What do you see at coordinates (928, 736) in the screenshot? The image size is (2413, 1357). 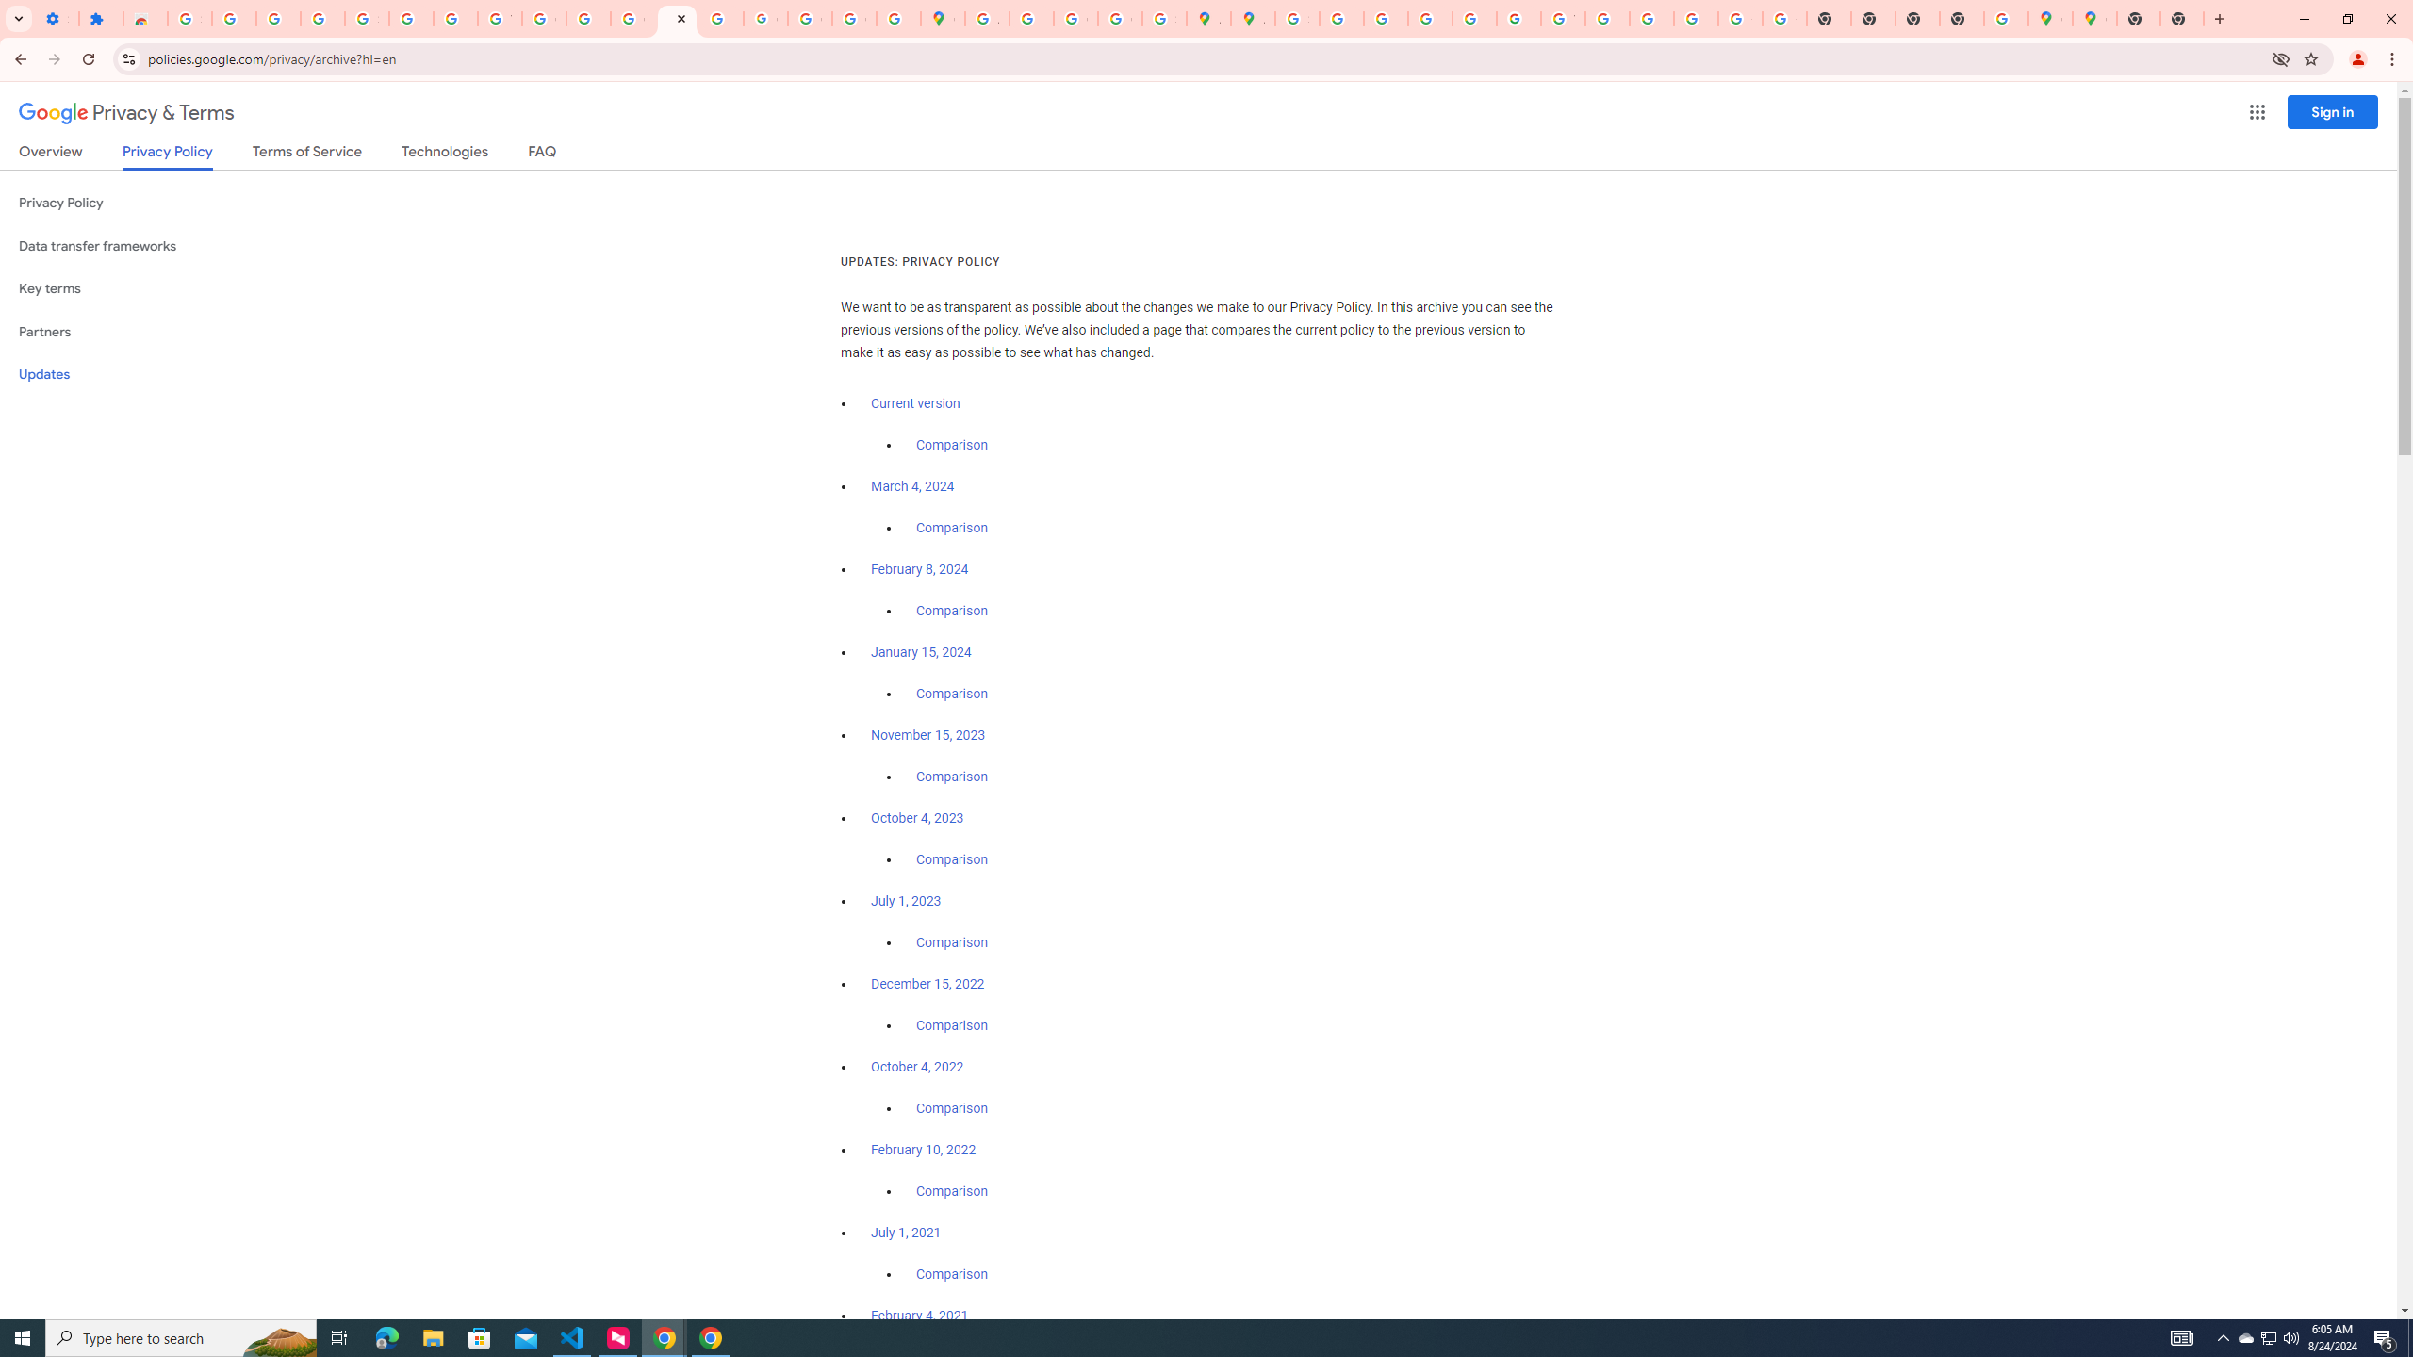 I see `'November 15, 2023'` at bounding box center [928, 736].